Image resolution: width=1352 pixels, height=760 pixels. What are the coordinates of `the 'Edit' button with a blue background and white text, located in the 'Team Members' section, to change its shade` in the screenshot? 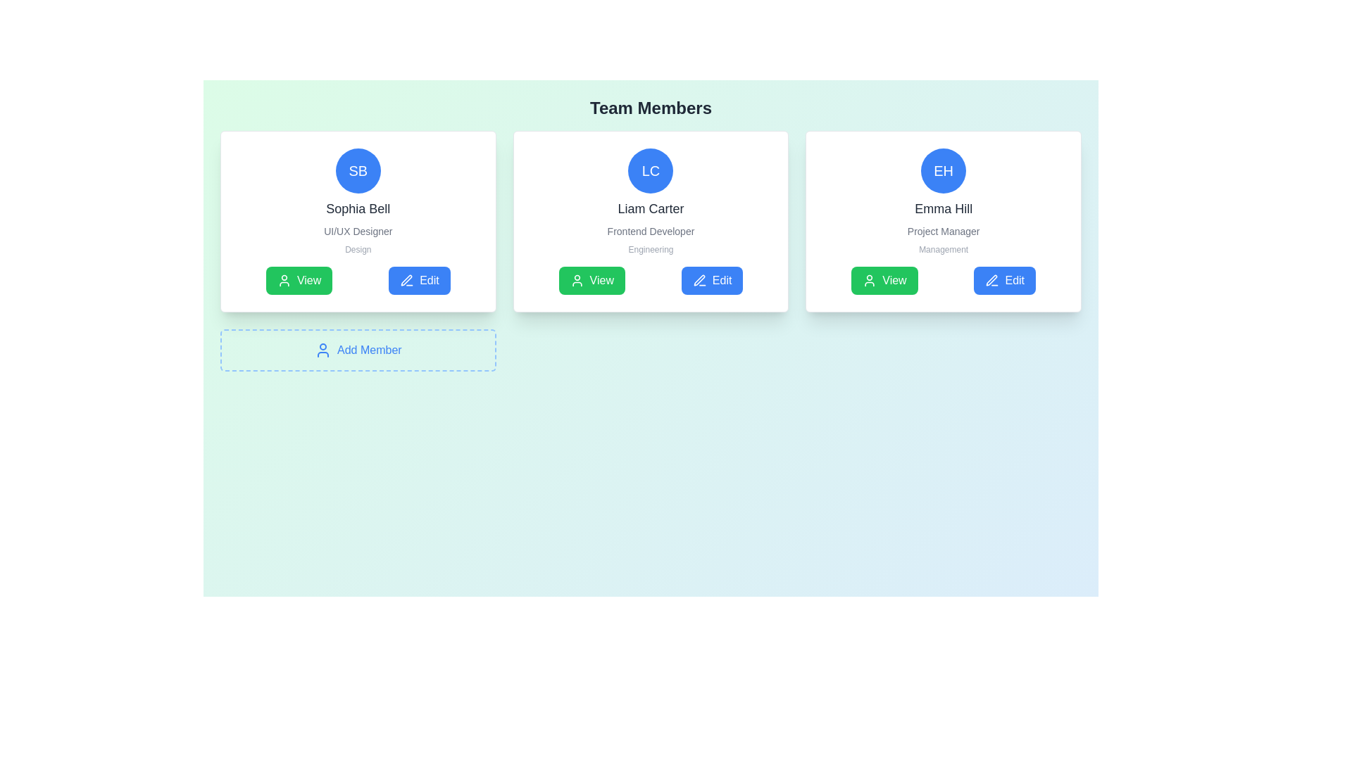 It's located at (712, 280).